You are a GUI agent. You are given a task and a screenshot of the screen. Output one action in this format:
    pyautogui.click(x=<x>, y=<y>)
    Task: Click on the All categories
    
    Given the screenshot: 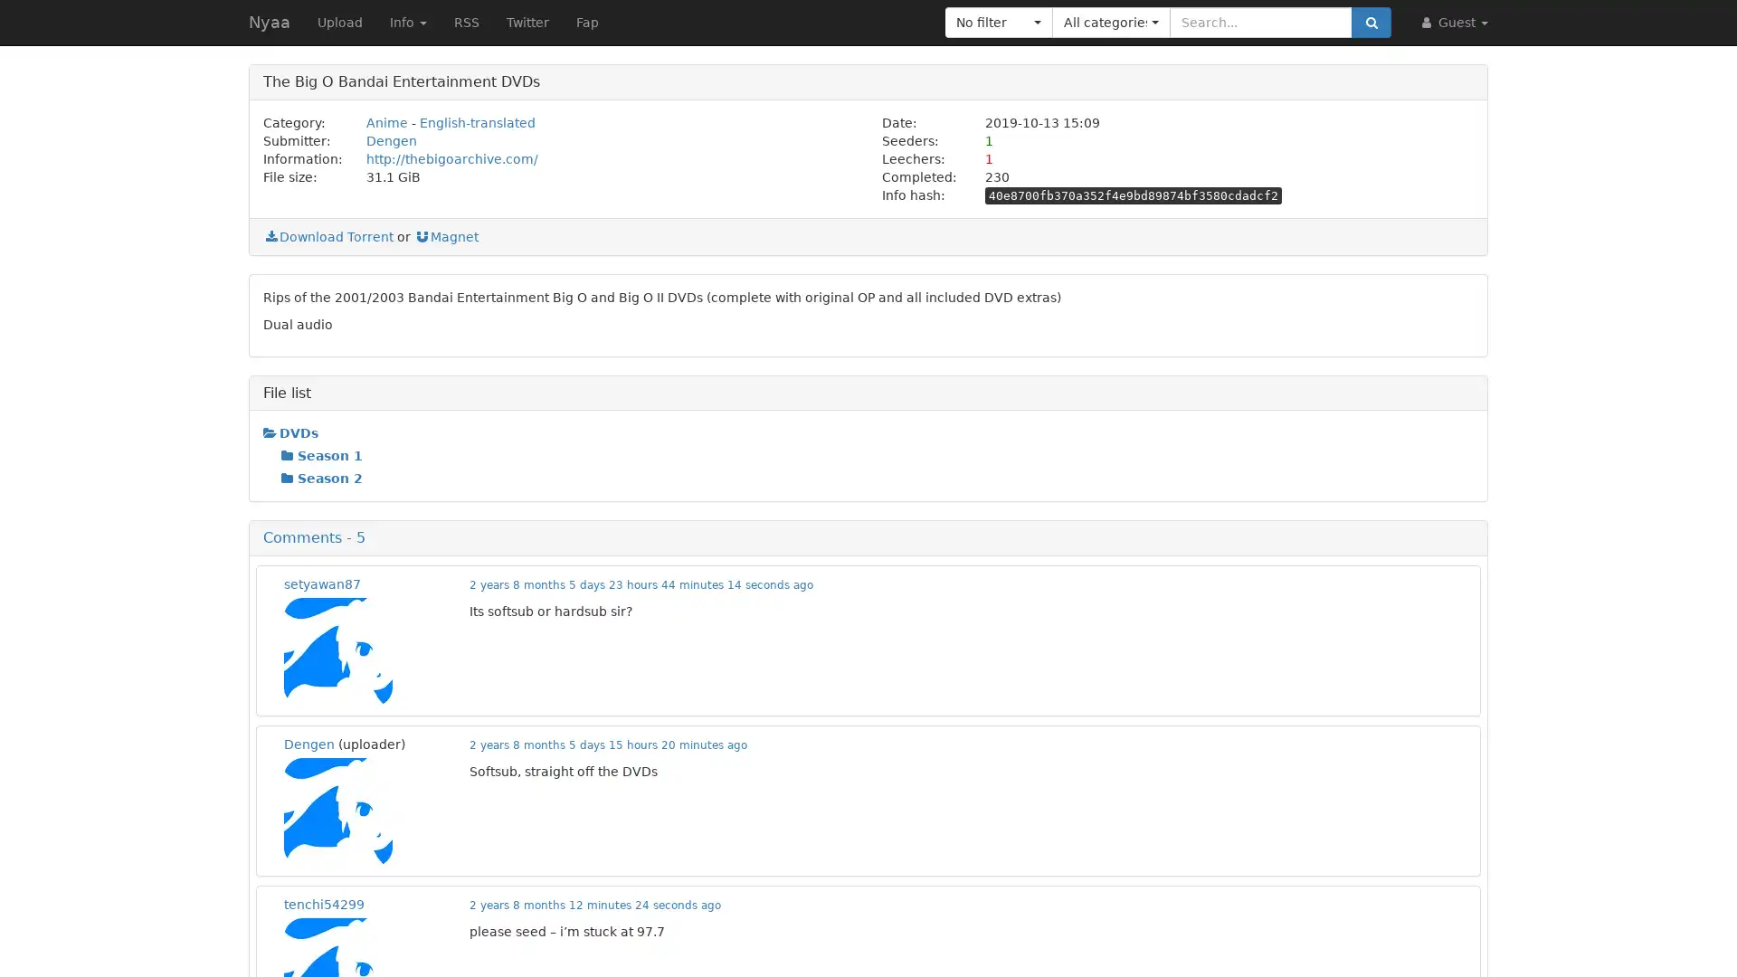 What is the action you would take?
    pyautogui.click(x=1110, y=22)
    